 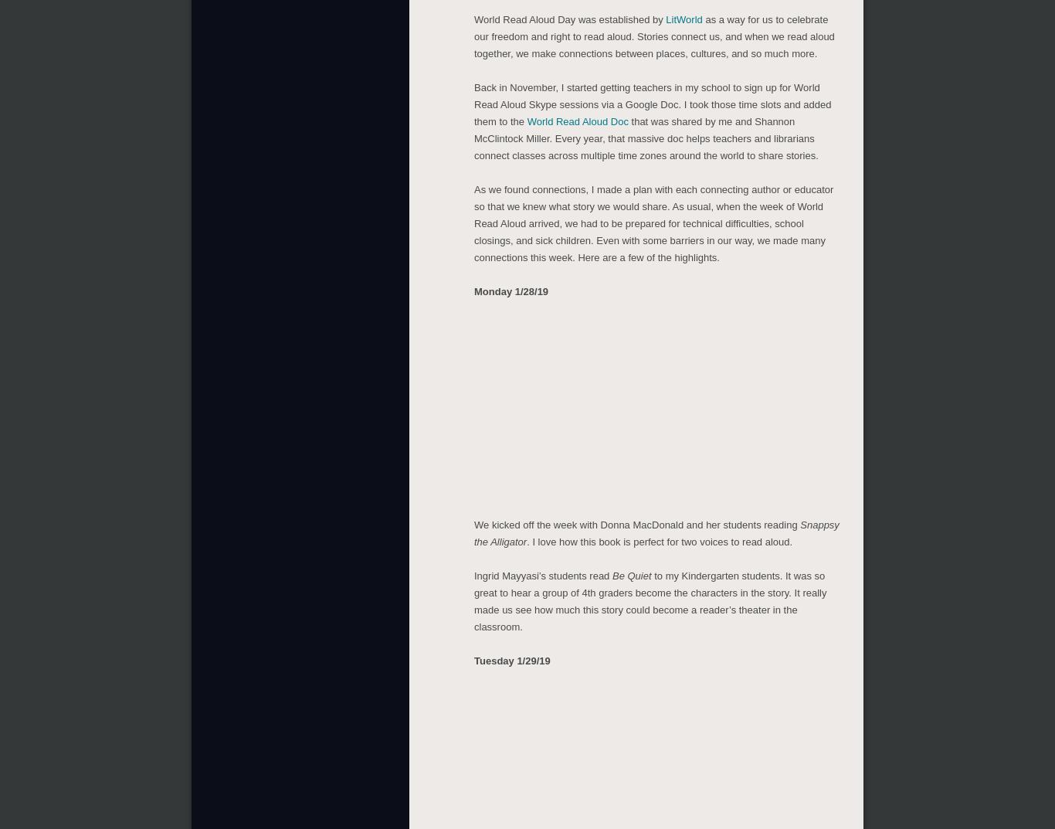 I want to click on 'as a way for us to celebrate our freedom and right to read aloud. Stories connect us, and when we read aloud together, we make connections between places, cultures, and so much more.', so click(x=473, y=32).